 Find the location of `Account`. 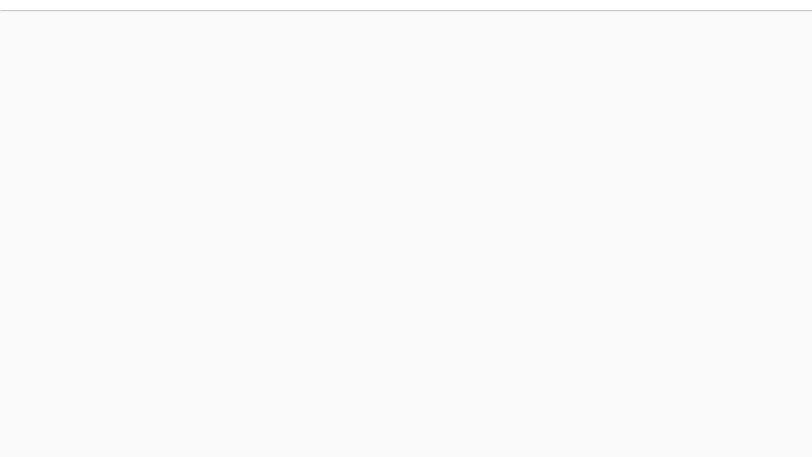

Account is located at coordinates (671, 92).